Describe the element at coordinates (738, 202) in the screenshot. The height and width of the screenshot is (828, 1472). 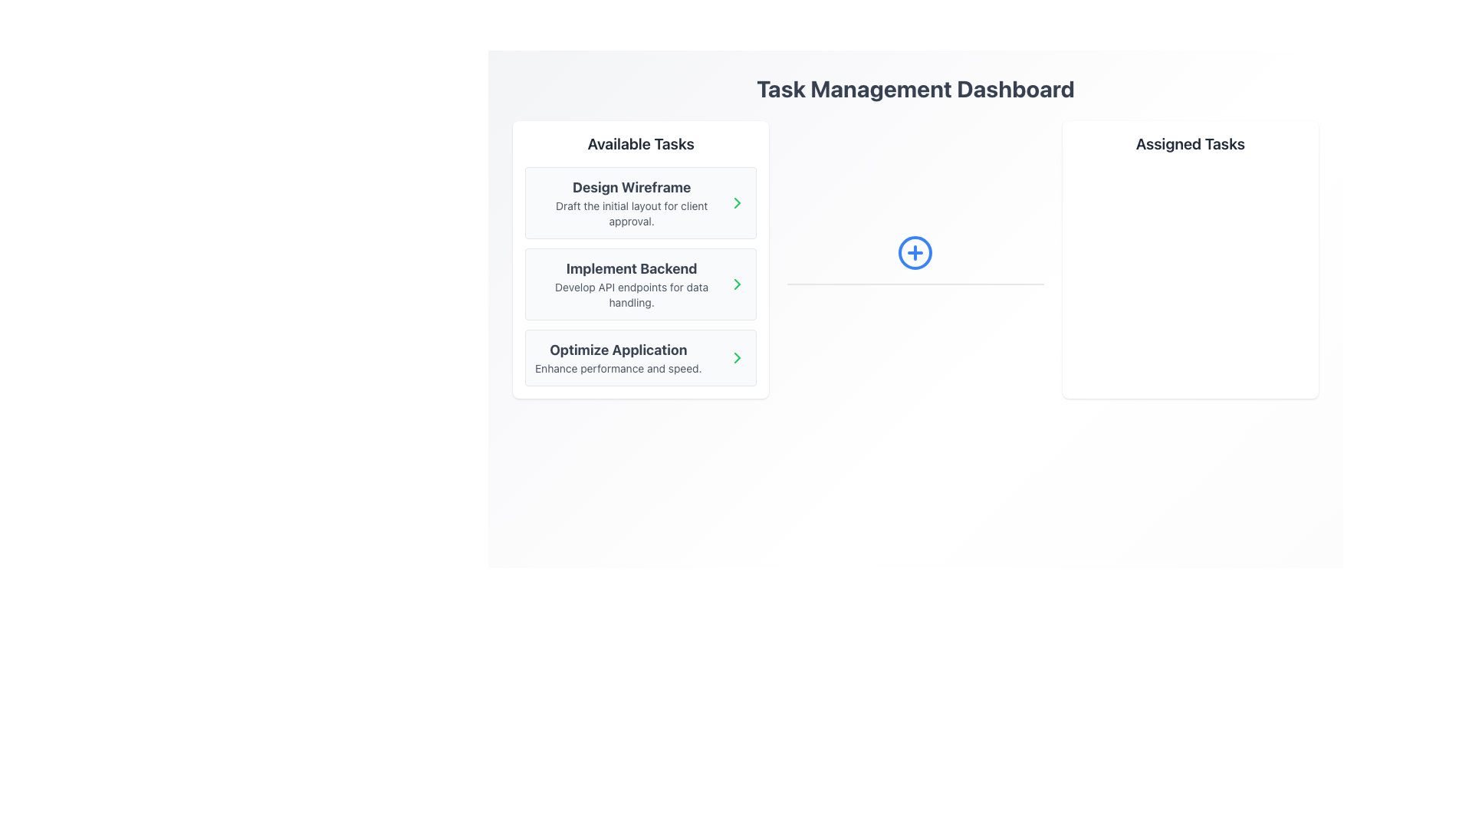
I see `the interactive icon located at the rightmost edge of the 'Design Wireframe' task card in the 'Available Tasks' section to change its color` at that location.